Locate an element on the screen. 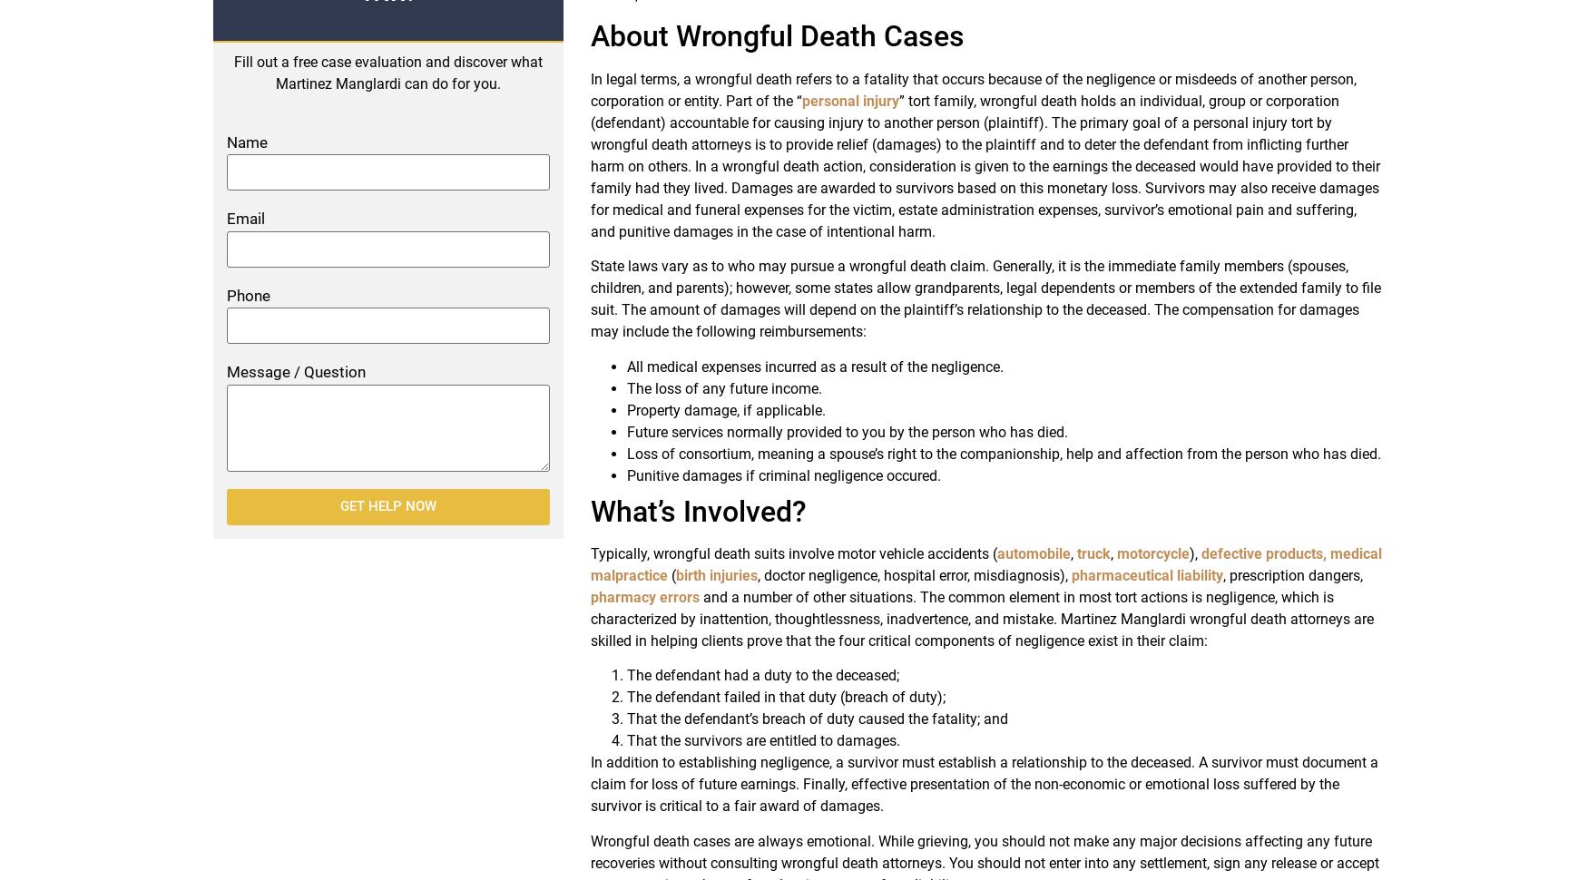 This screenshot has height=880, width=1588. 'Phone' is located at coordinates (248, 295).